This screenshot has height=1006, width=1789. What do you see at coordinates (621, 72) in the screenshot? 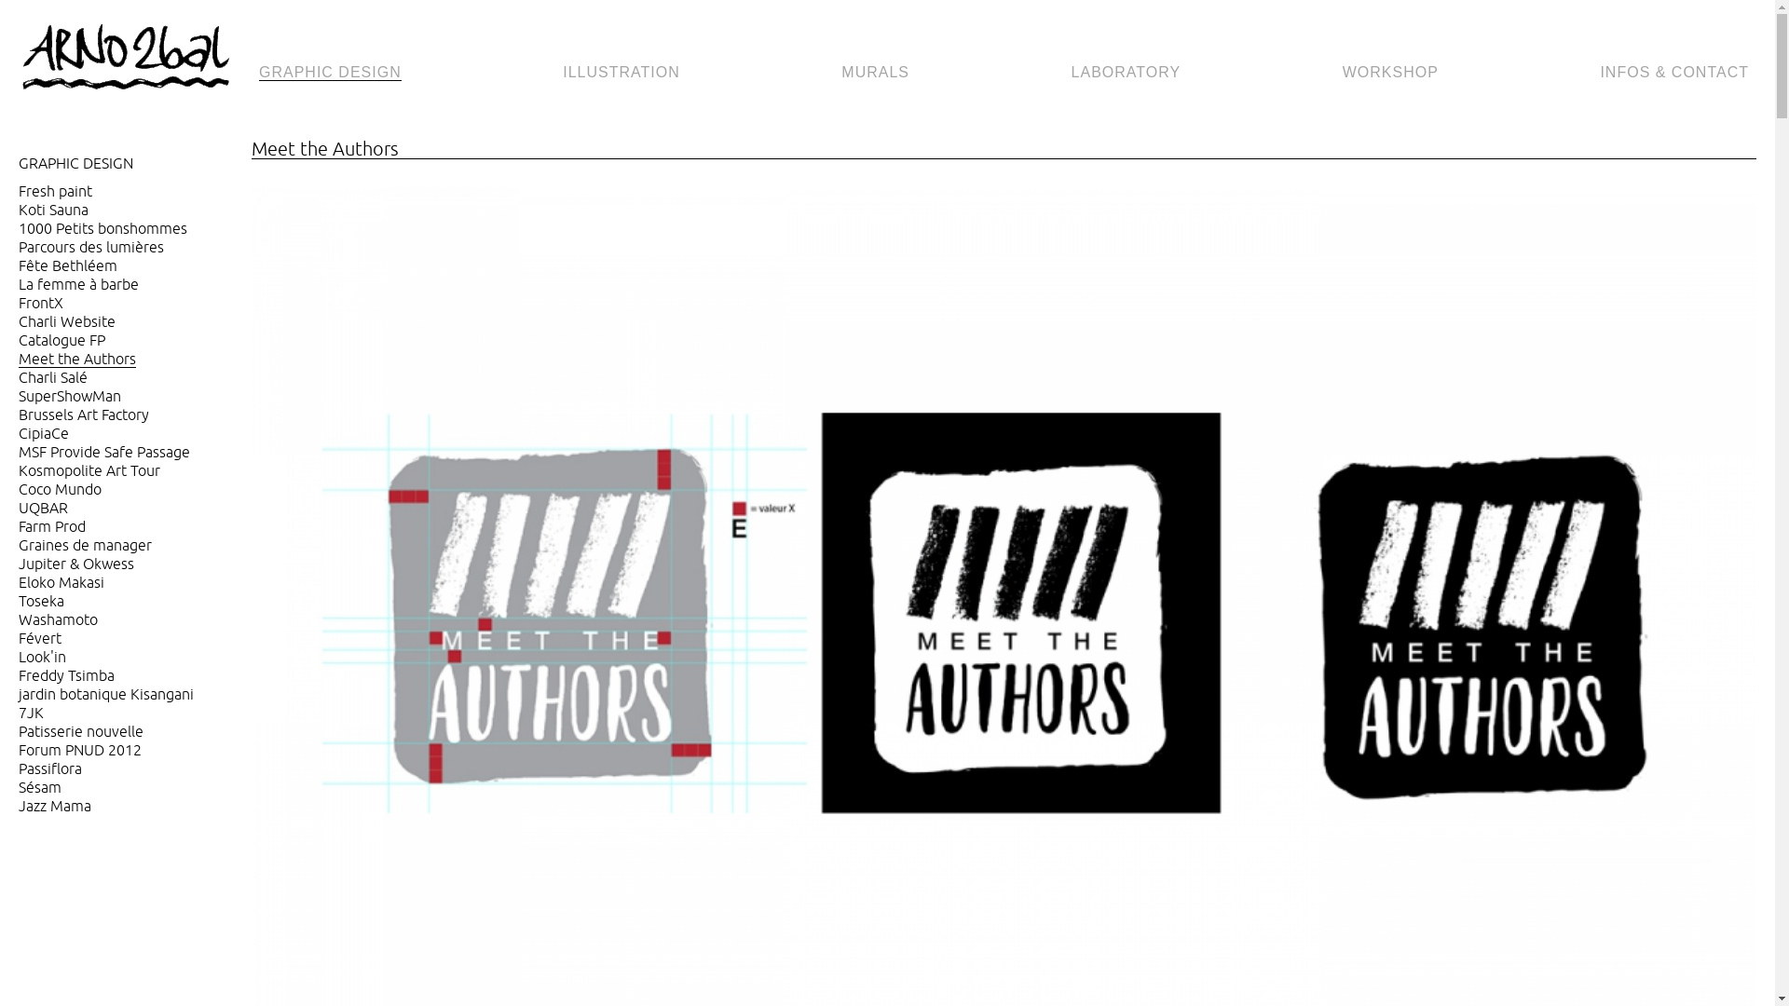
I see `'ILLUSTRATION'` at bounding box center [621, 72].